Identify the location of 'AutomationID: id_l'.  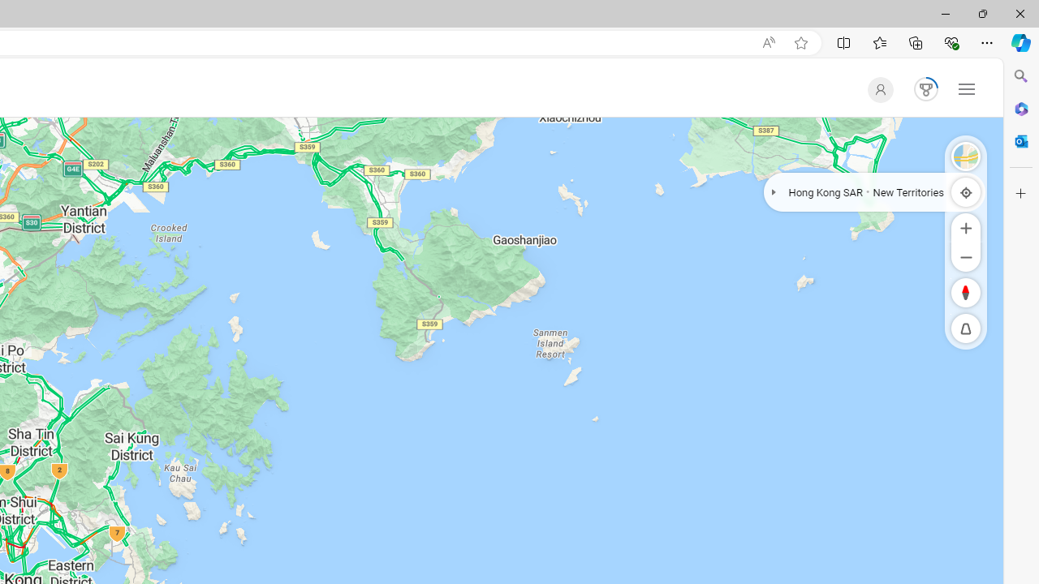
(876, 89).